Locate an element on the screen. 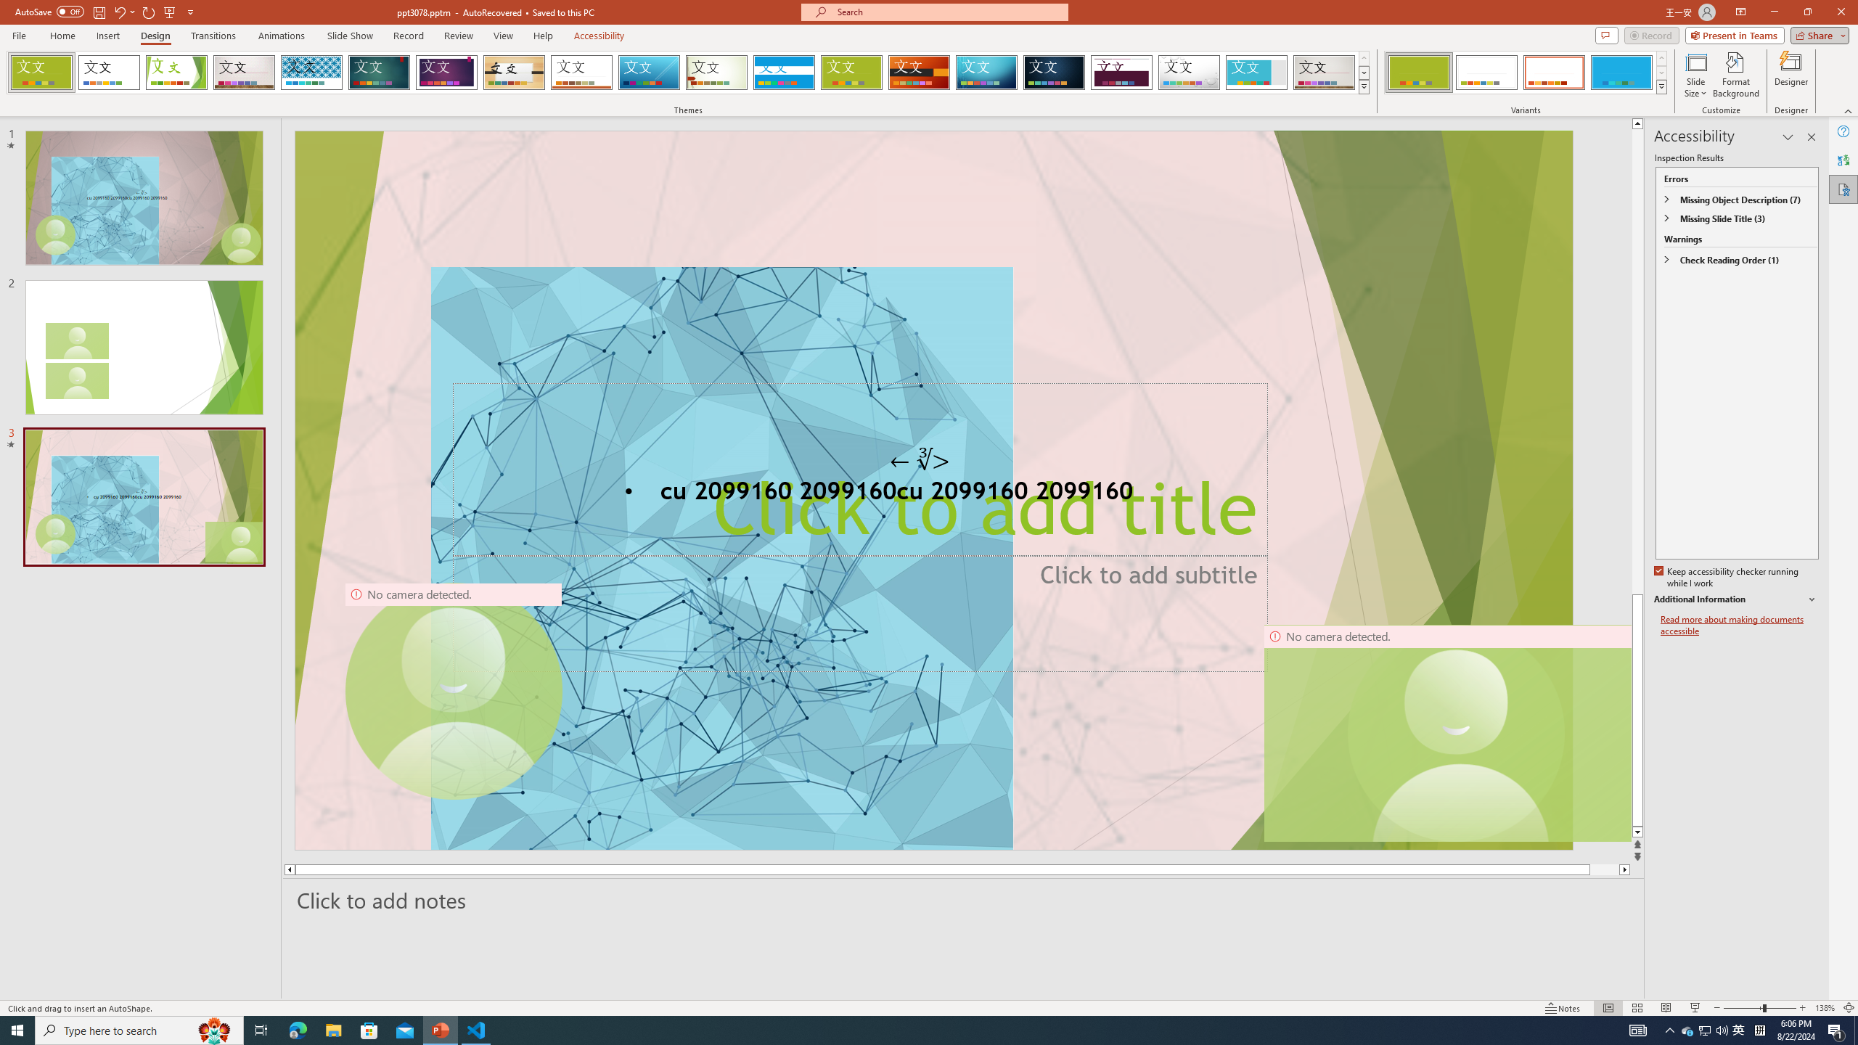  'Keep accessibility checker running while I work' is located at coordinates (1727, 578).